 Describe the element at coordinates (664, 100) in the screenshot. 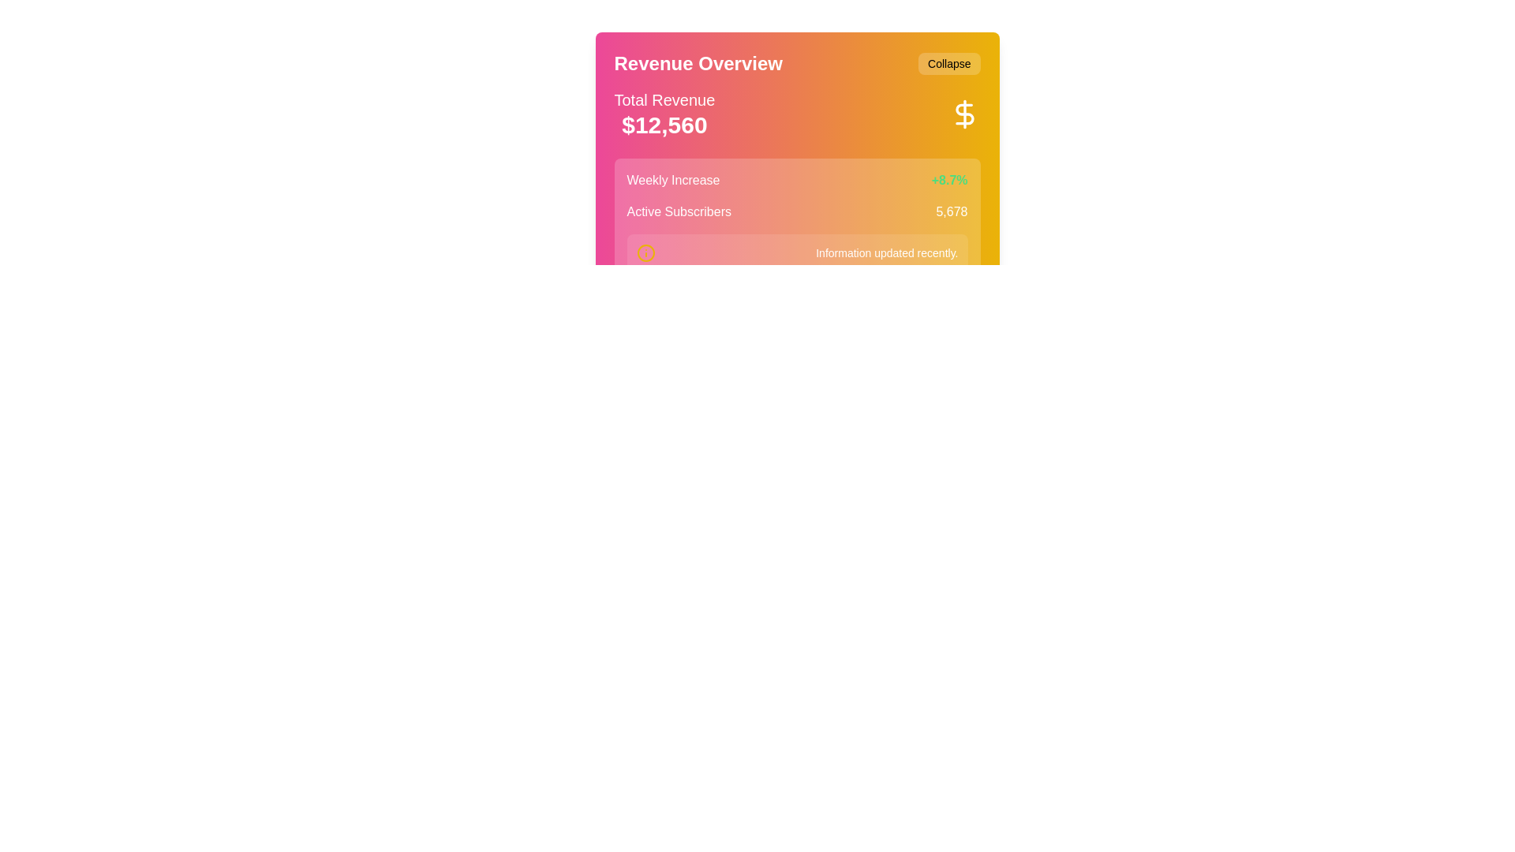

I see `the text label that describes the revenue-related data in the 'Revenue Overview' card, which is located above the numerical value '$12,560'` at that location.